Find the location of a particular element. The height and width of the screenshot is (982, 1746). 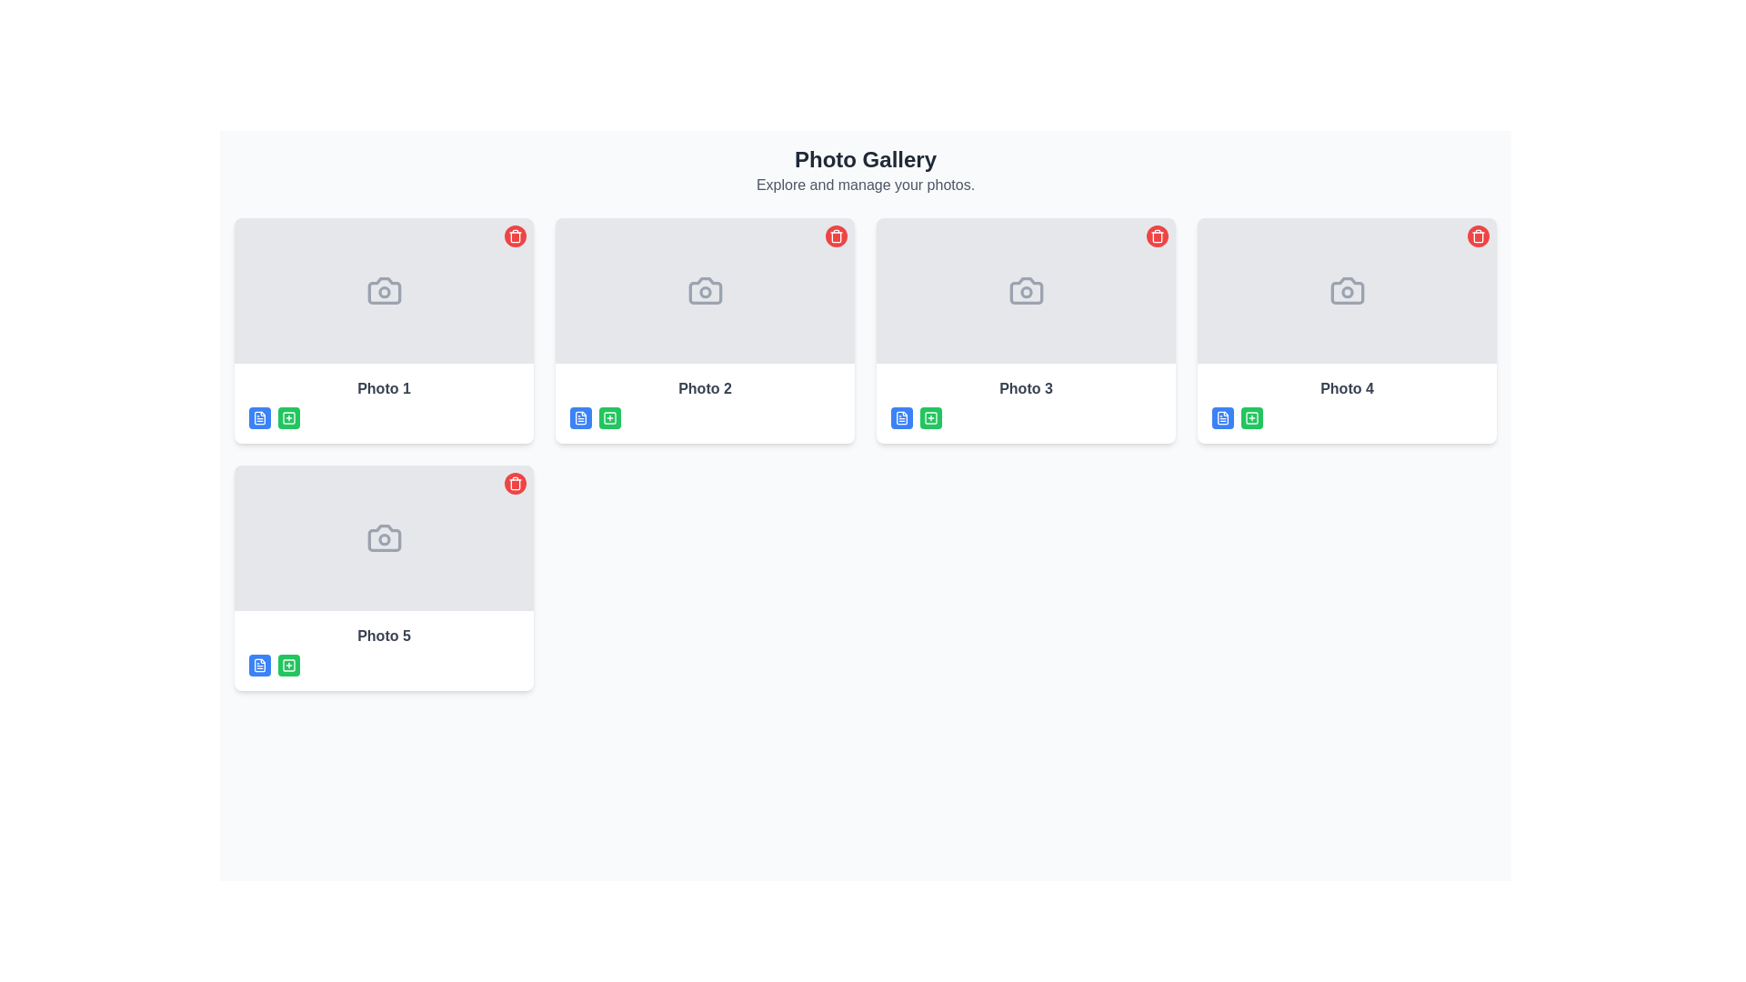

the text label displaying 'Photo 2', which is styled in bold gray font and positioned in the second column of the photo grid, below the photo thumbnail and above the row of icons is located at coordinates (704, 388).